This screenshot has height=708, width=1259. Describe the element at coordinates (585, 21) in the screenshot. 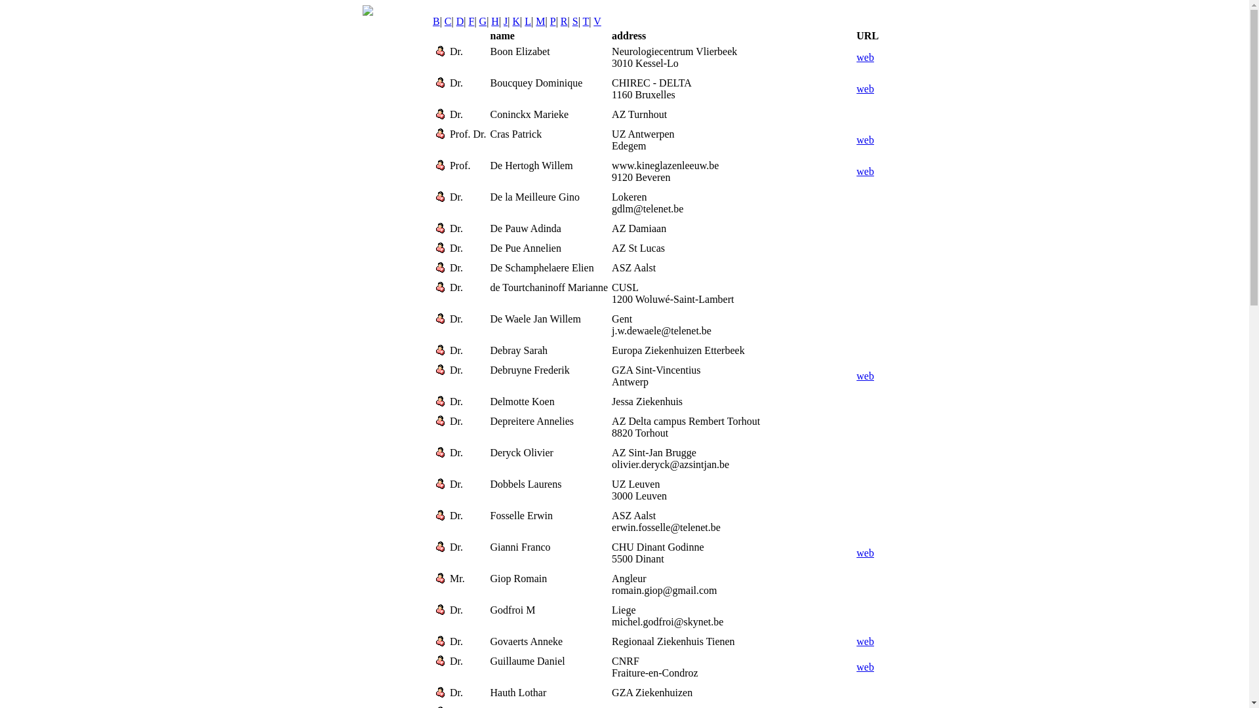

I see `'T'` at that location.